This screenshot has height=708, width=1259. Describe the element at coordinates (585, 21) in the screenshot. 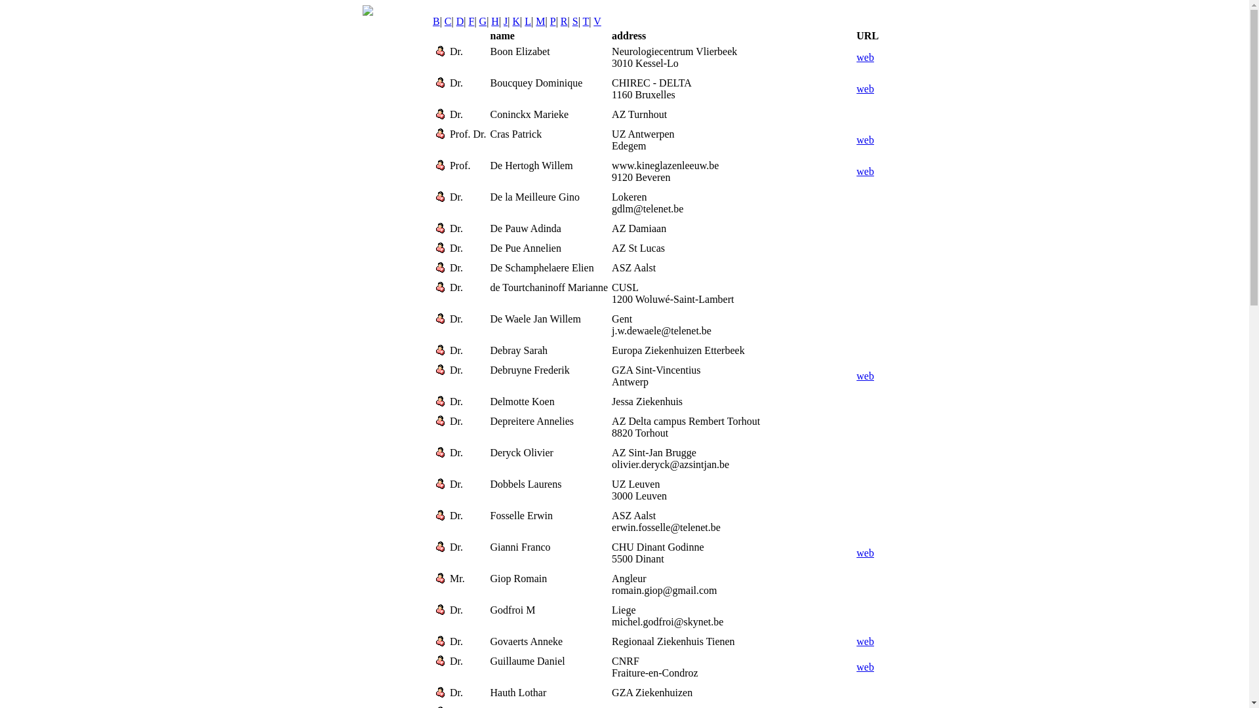

I see `'T'` at that location.